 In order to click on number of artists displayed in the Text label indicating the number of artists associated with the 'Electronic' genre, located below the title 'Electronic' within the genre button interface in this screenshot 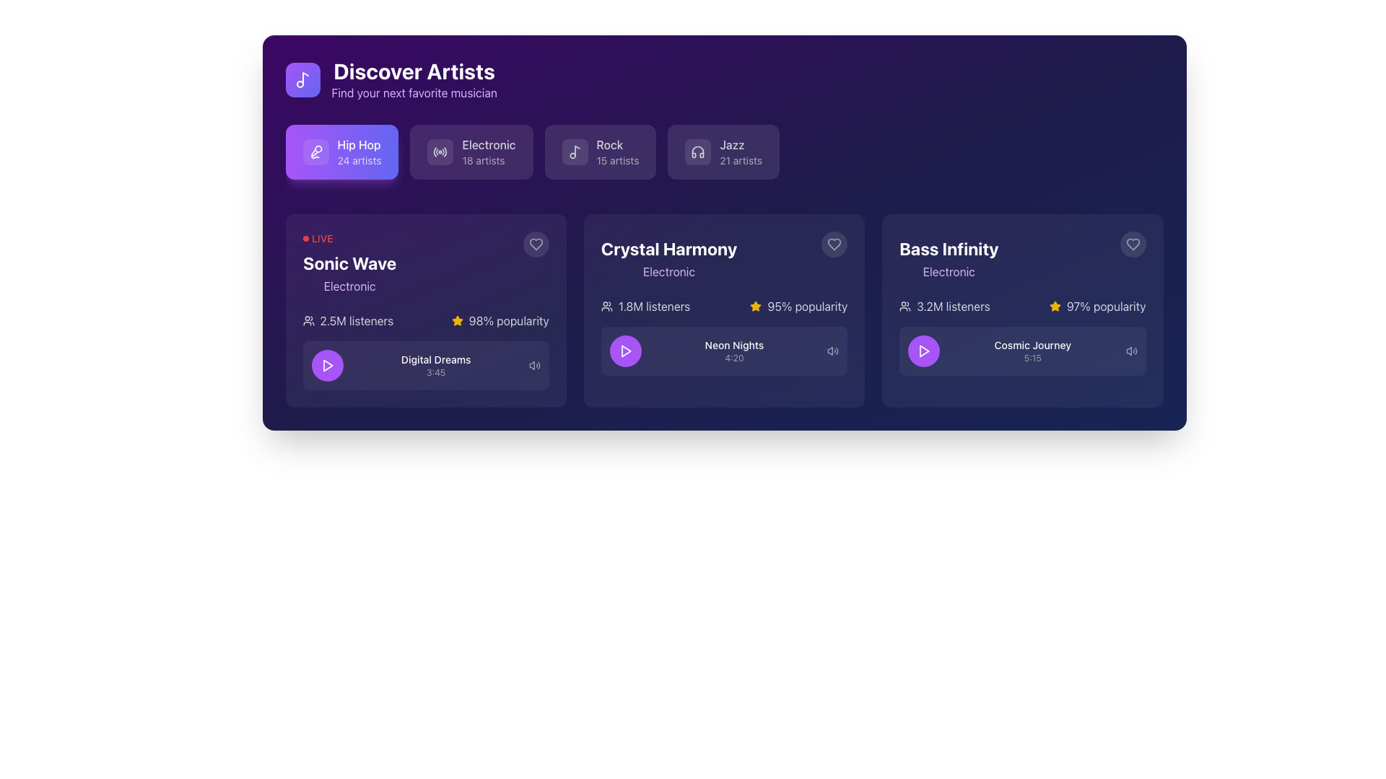, I will do `click(489, 161)`.